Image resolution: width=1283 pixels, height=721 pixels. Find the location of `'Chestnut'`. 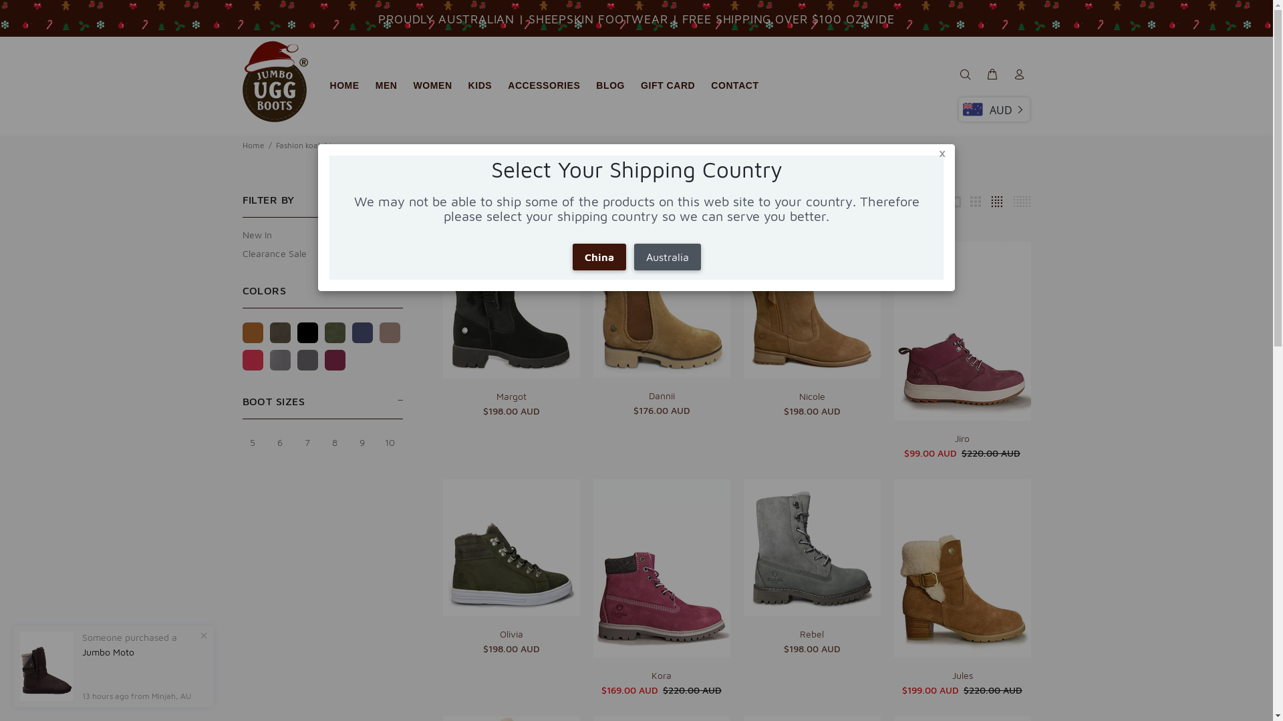

'Chestnut' is located at coordinates (241, 331).